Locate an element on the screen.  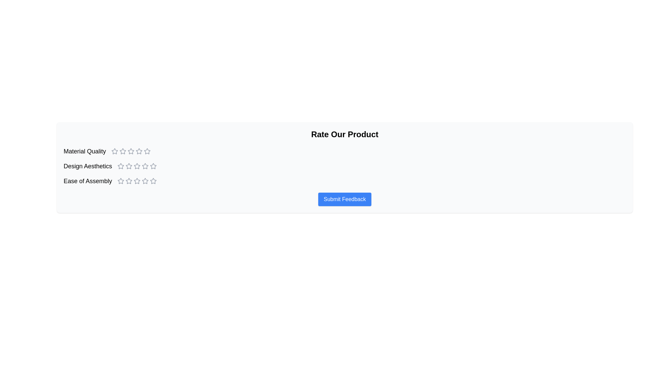
the third star-shaped icon in the rating system for 'Material Quality' to rate it is located at coordinates (131, 151).